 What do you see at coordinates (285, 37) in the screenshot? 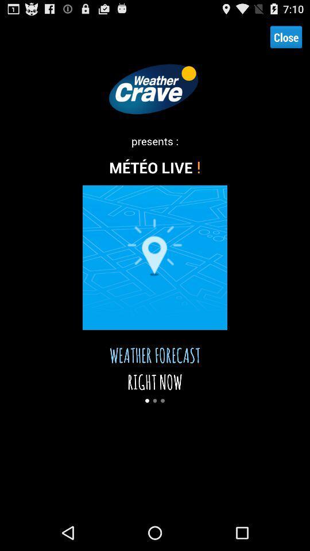
I see `the close` at bounding box center [285, 37].